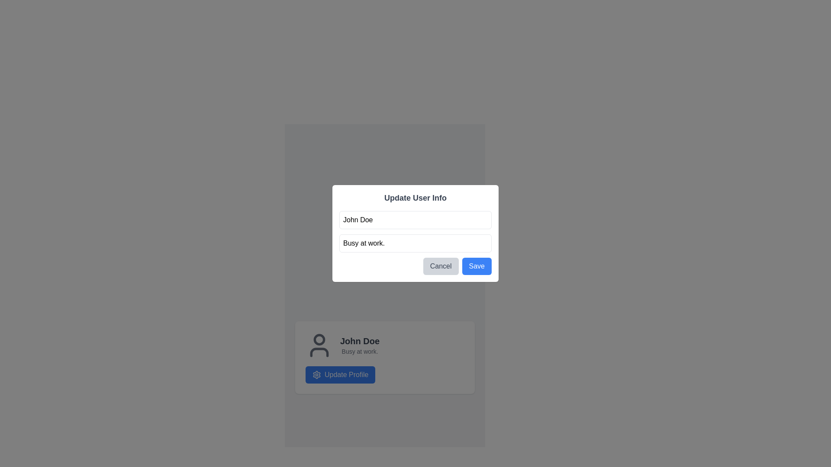  What do you see at coordinates (316, 374) in the screenshot?
I see `the cog-shaped settings icon within the 'Update Profile' button located under the user card for 'John Doe' to initiate the profile update functionality` at bounding box center [316, 374].